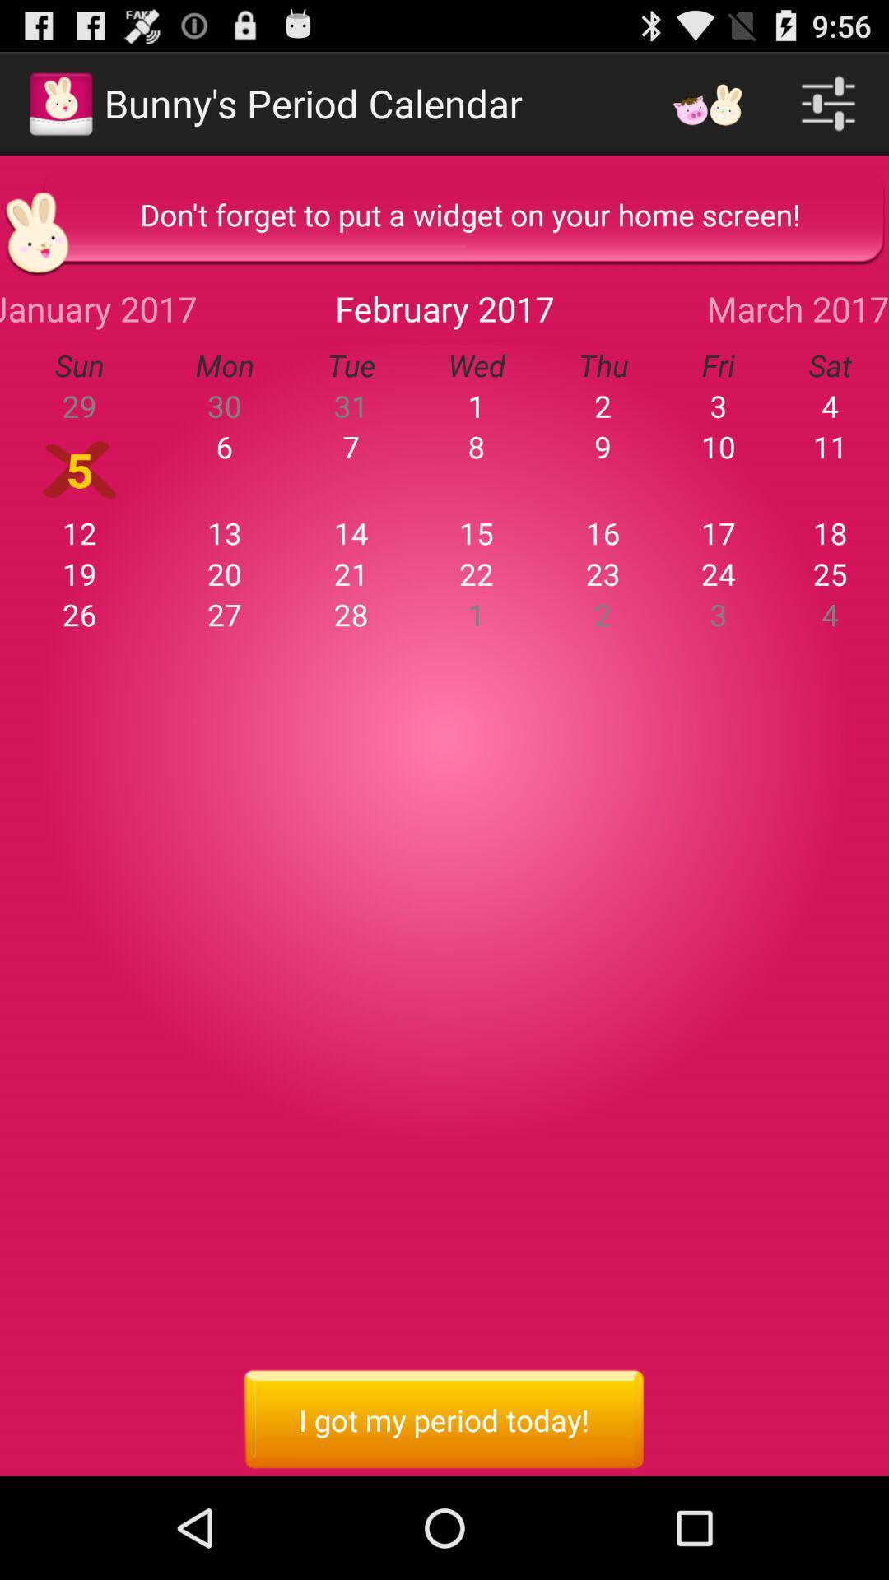 Image resolution: width=889 pixels, height=1580 pixels. What do you see at coordinates (225, 574) in the screenshot?
I see `20 which is just below 13` at bounding box center [225, 574].